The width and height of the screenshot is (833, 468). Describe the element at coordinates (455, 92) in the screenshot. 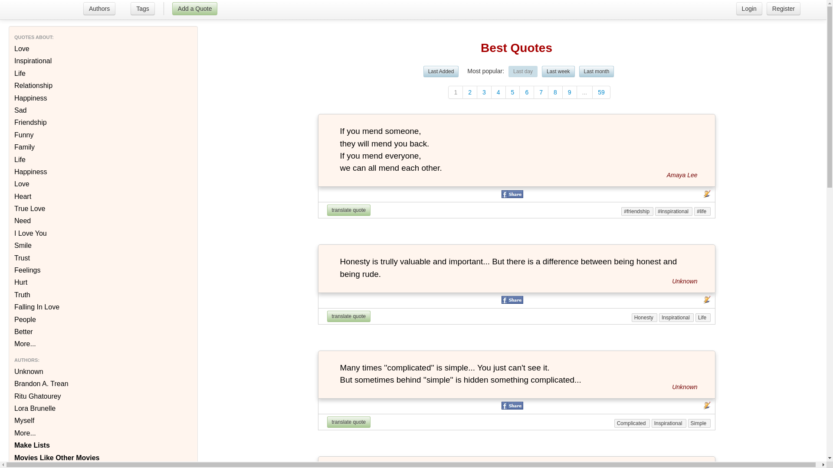

I see `'1'` at that location.